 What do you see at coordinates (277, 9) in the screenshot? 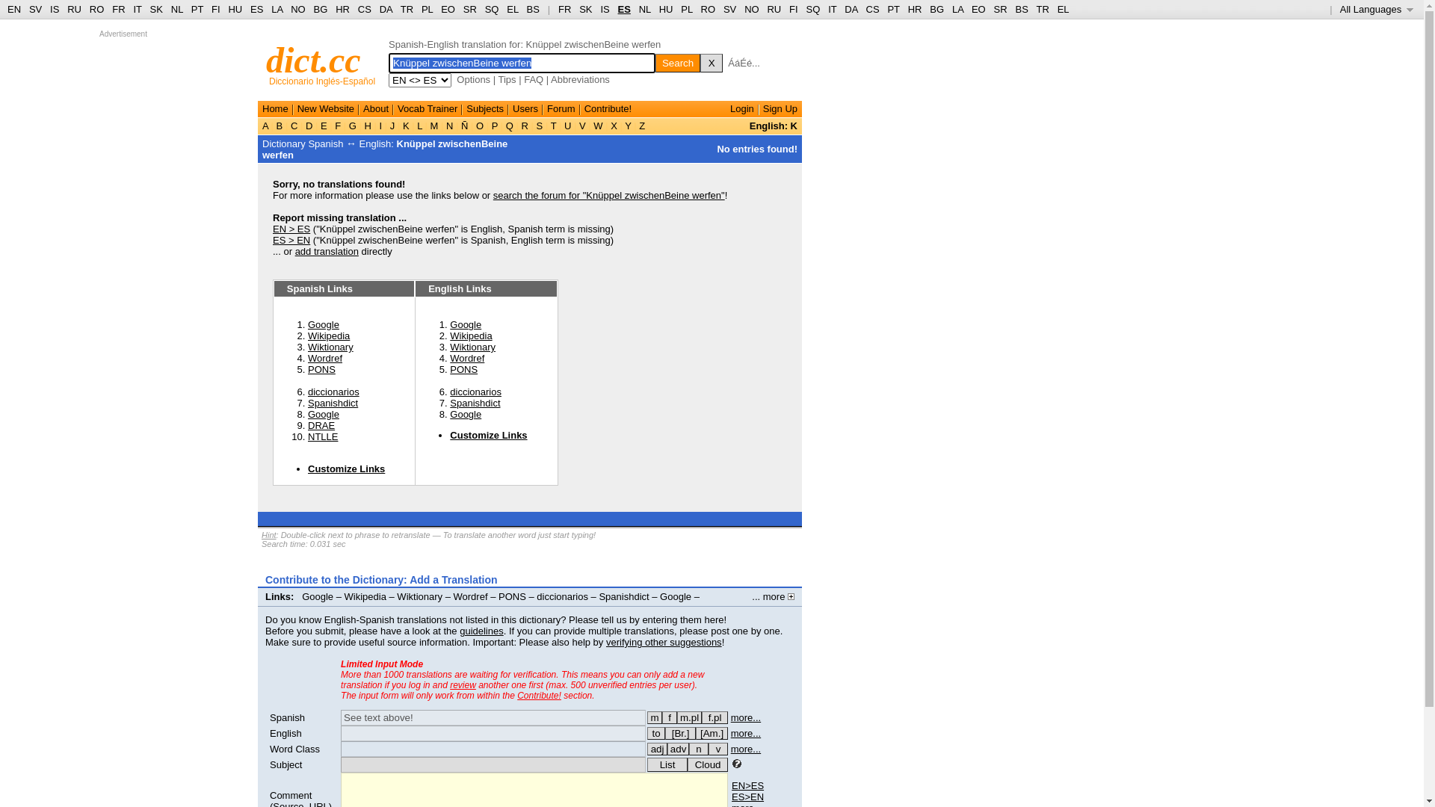
I see `'LA'` at bounding box center [277, 9].